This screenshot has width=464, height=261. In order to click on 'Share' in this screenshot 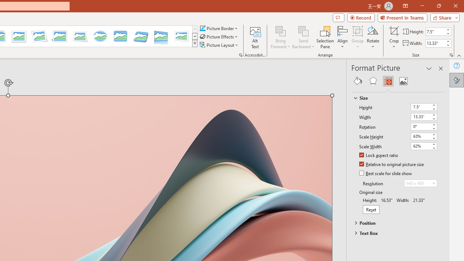, I will do `click(443, 17)`.